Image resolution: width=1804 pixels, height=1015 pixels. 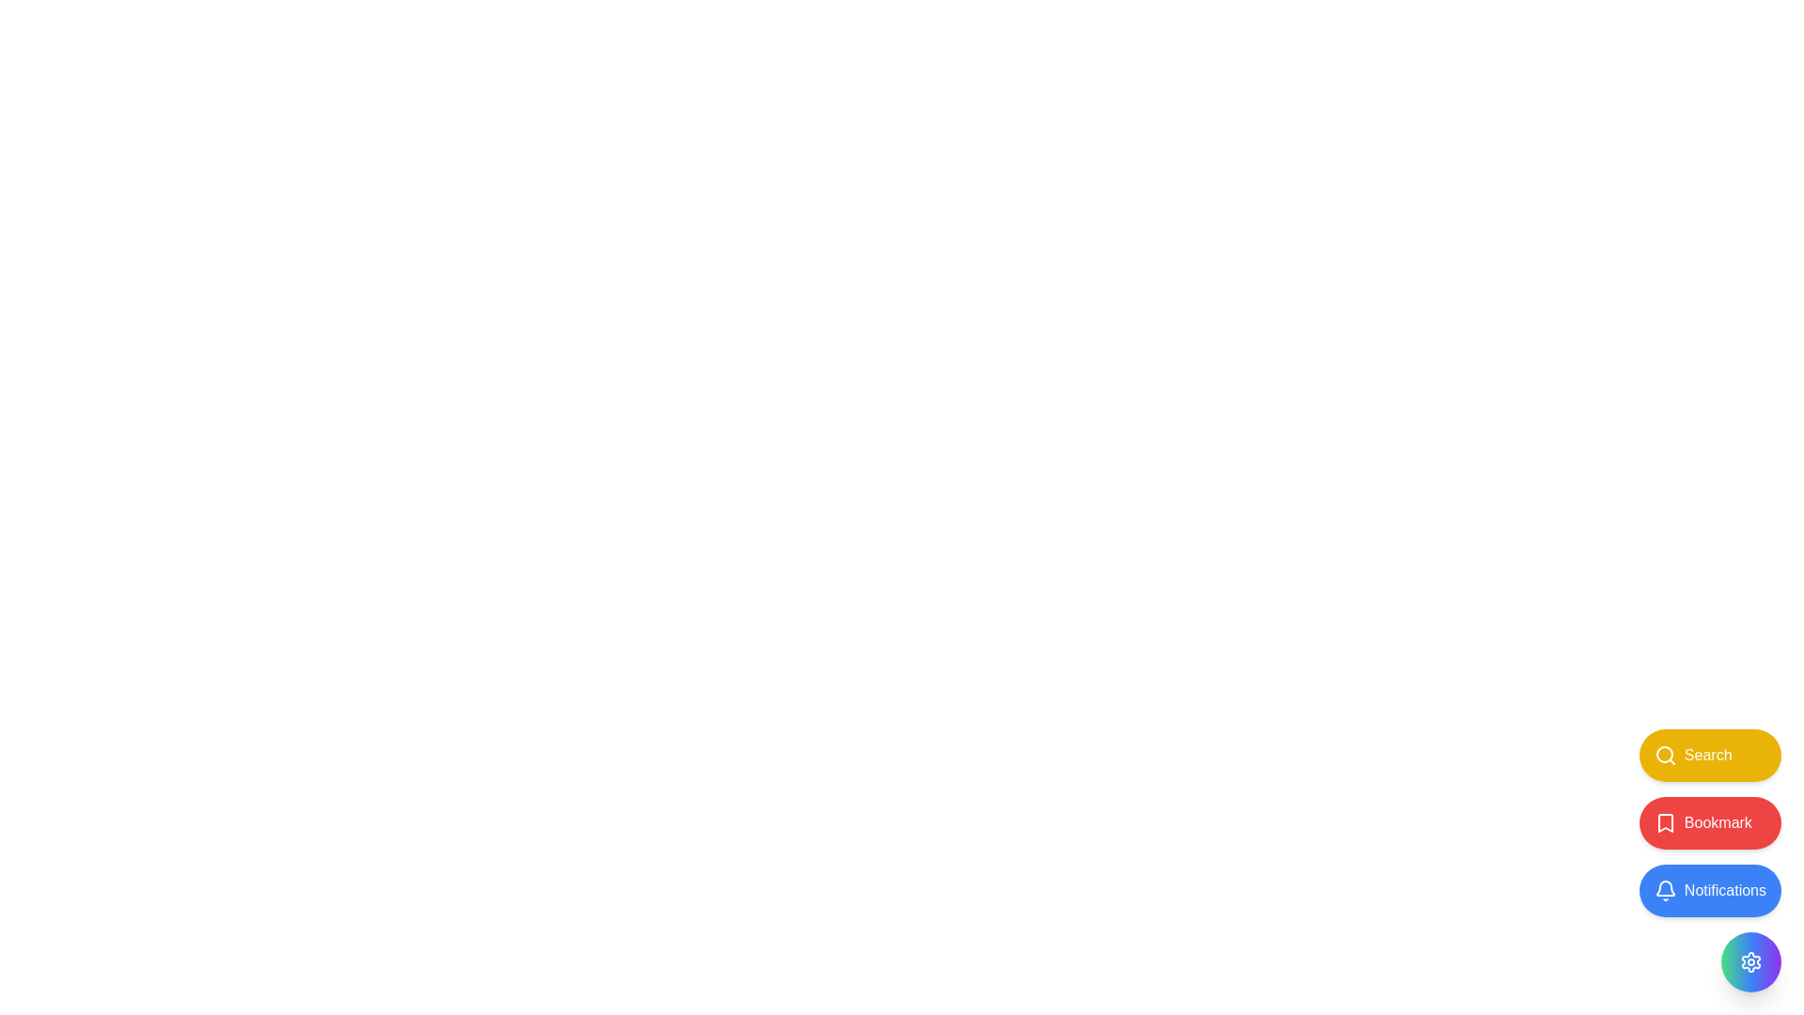 What do you see at coordinates (1665, 754) in the screenshot?
I see `the search icon located within the yellow circular button labeled 'Search'` at bounding box center [1665, 754].